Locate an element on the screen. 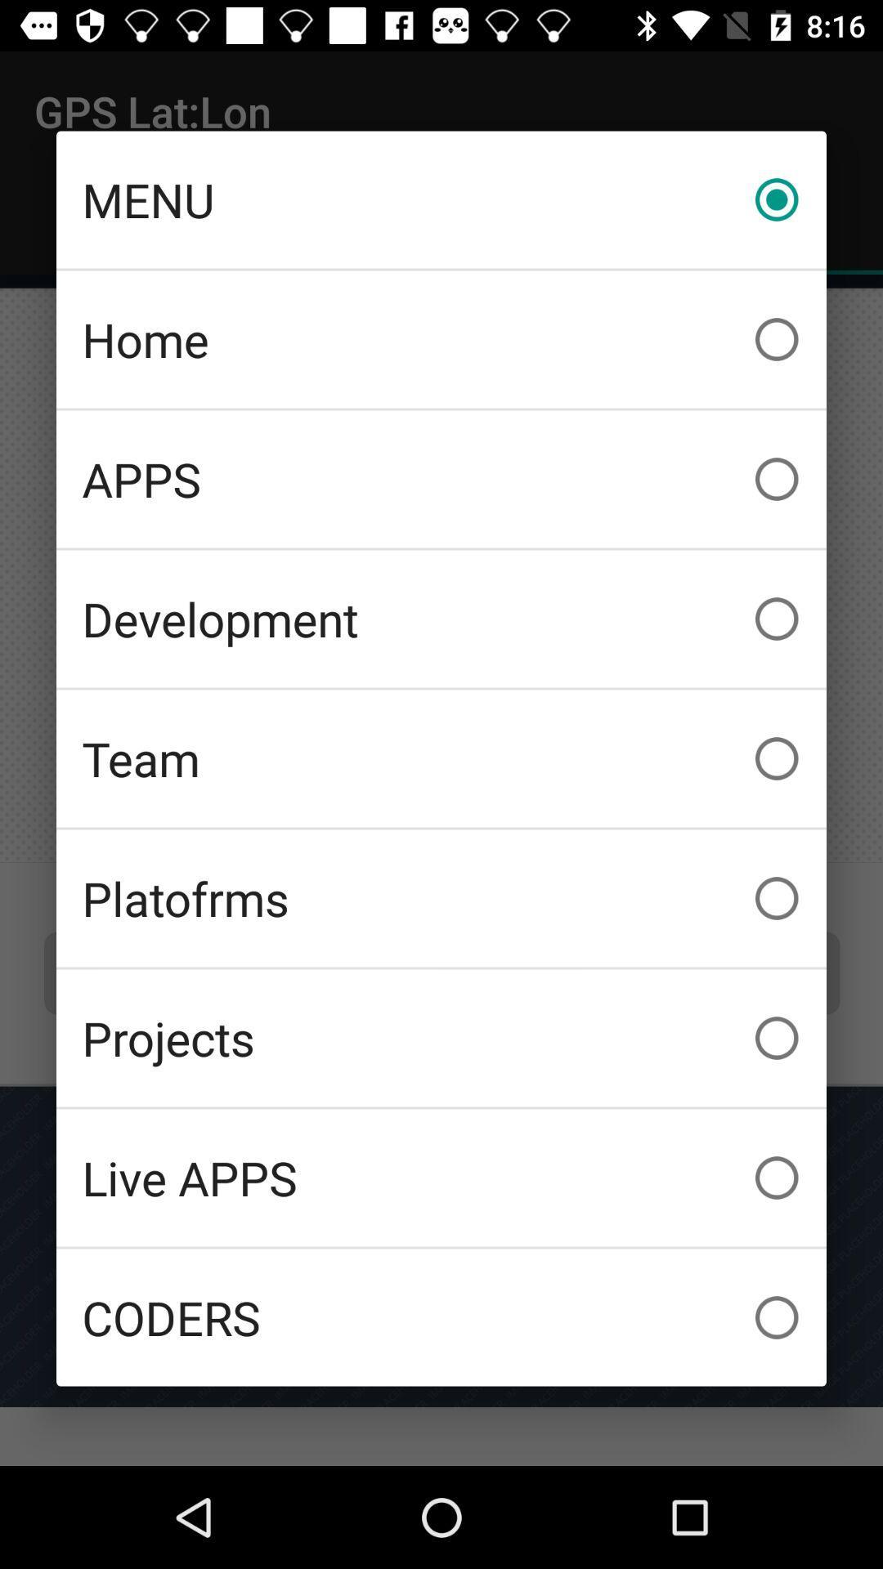  the item below menu is located at coordinates (441, 338).